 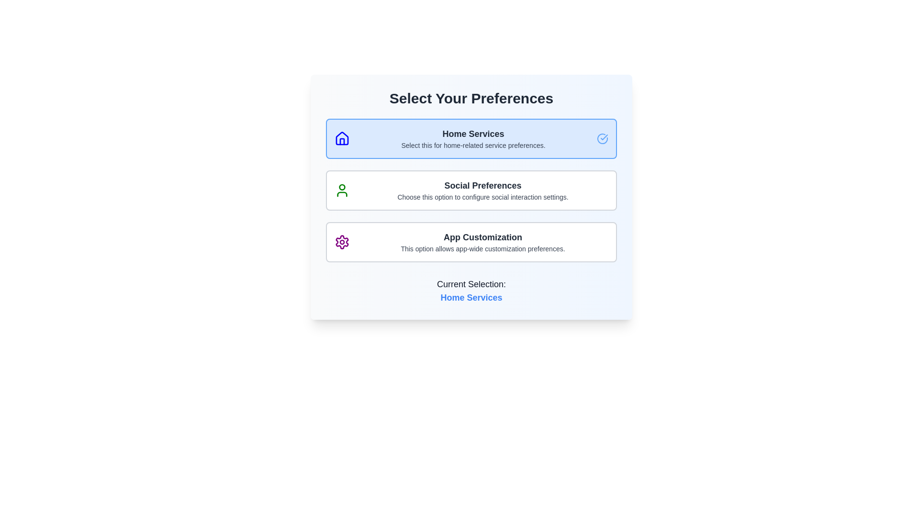 What do you see at coordinates (342, 190) in the screenshot?
I see `the icon representing the 'Social Preferences' card, which is centrally placed within the vertical bounds of the card and aligned to the left of the card's title and descriptive text` at bounding box center [342, 190].